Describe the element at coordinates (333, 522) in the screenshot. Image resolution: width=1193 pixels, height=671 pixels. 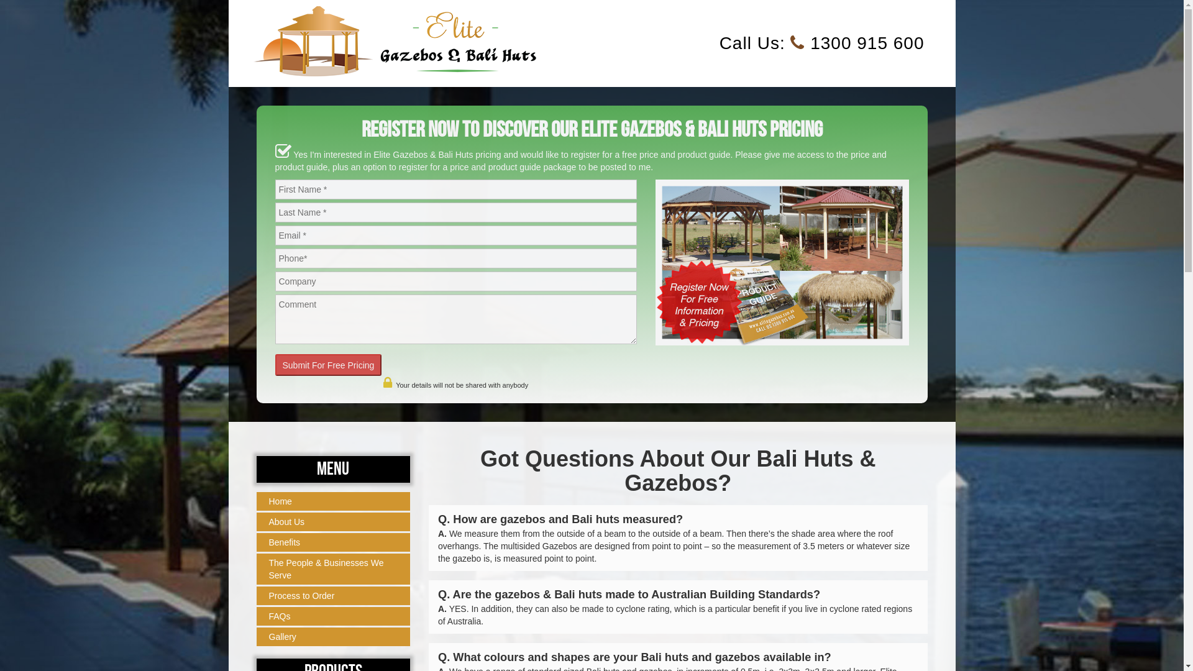
I see `'About Us'` at that location.